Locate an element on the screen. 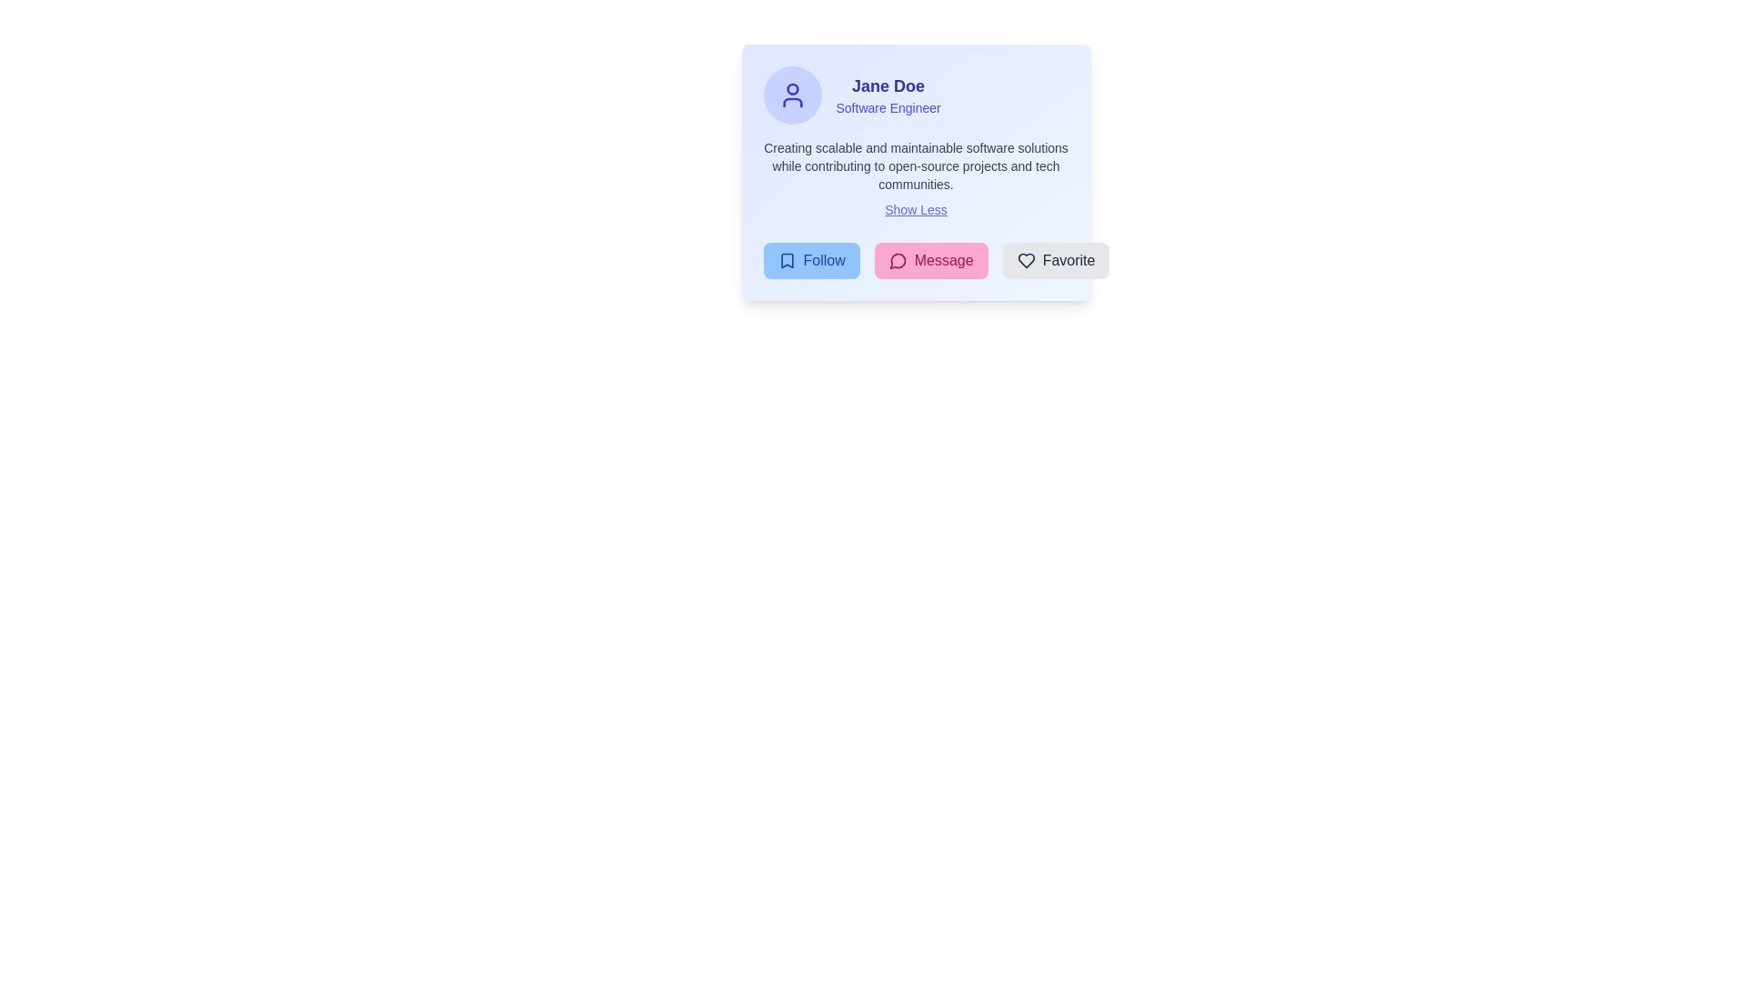 The width and height of the screenshot is (1746, 982). the user profile icon located at the top central region of the profile card to perform actions related to this profile is located at coordinates (792, 102).